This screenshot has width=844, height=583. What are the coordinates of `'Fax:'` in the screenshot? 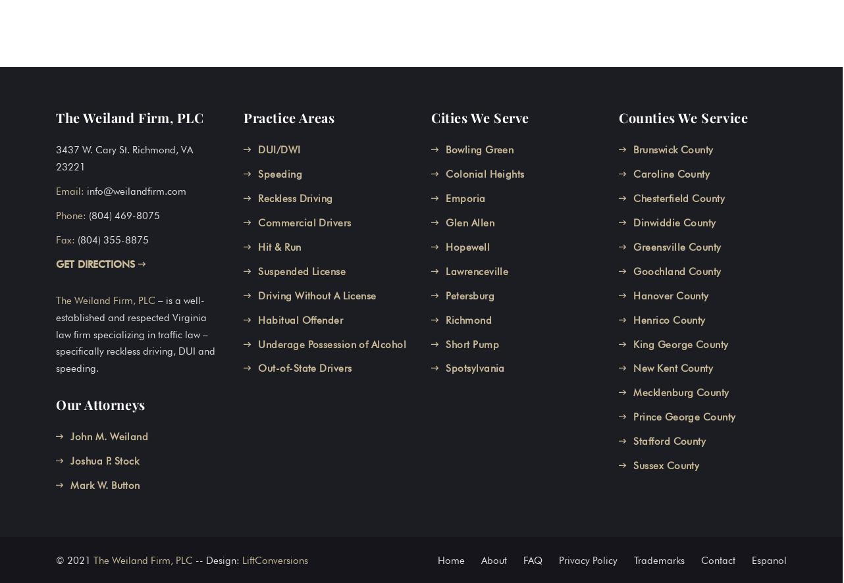 It's located at (55, 239).